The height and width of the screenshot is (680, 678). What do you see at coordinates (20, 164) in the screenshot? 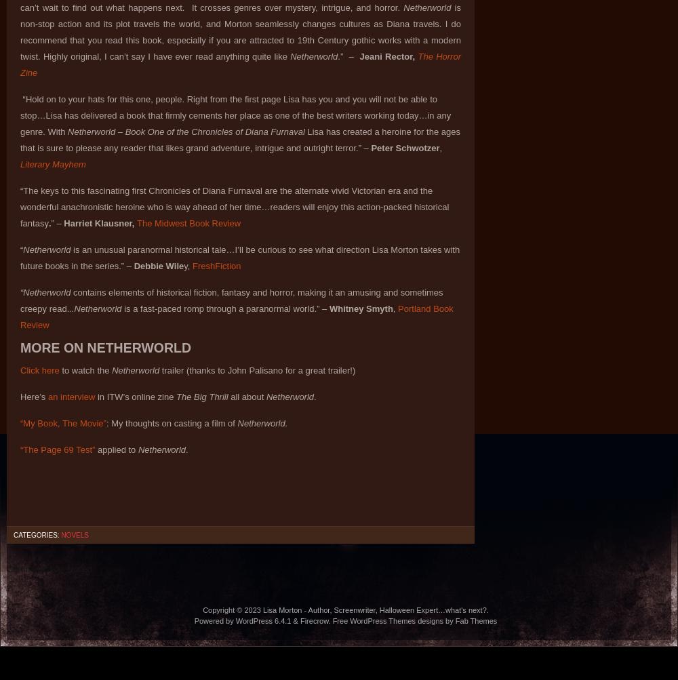
I see `'Literary Mayhem'` at bounding box center [20, 164].